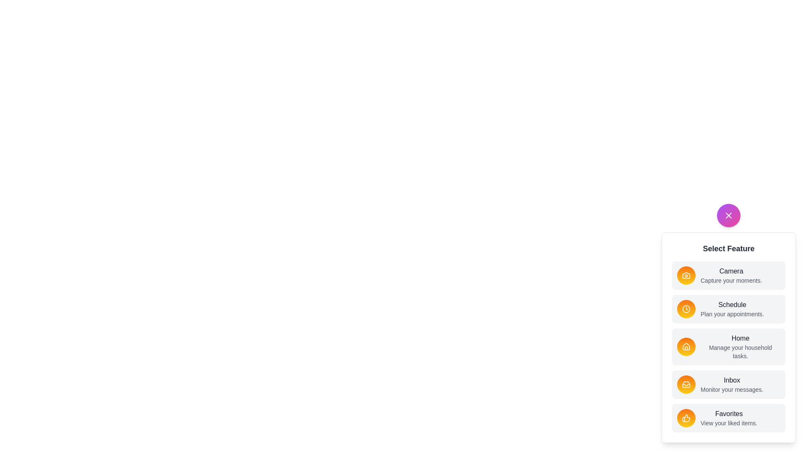 This screenshot has width=806, height=453. Describe the element at coordinates (686, 309) in the screenshot. I see `the feature corresponding to Schedule` at that location.